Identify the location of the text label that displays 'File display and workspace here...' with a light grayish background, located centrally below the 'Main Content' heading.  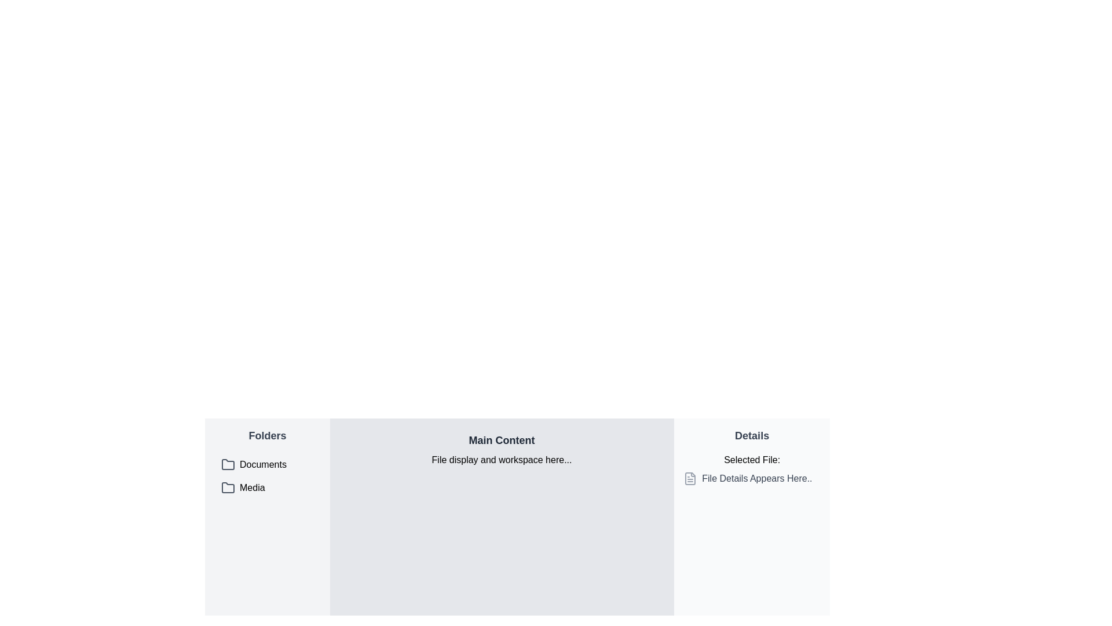
(502, 460).